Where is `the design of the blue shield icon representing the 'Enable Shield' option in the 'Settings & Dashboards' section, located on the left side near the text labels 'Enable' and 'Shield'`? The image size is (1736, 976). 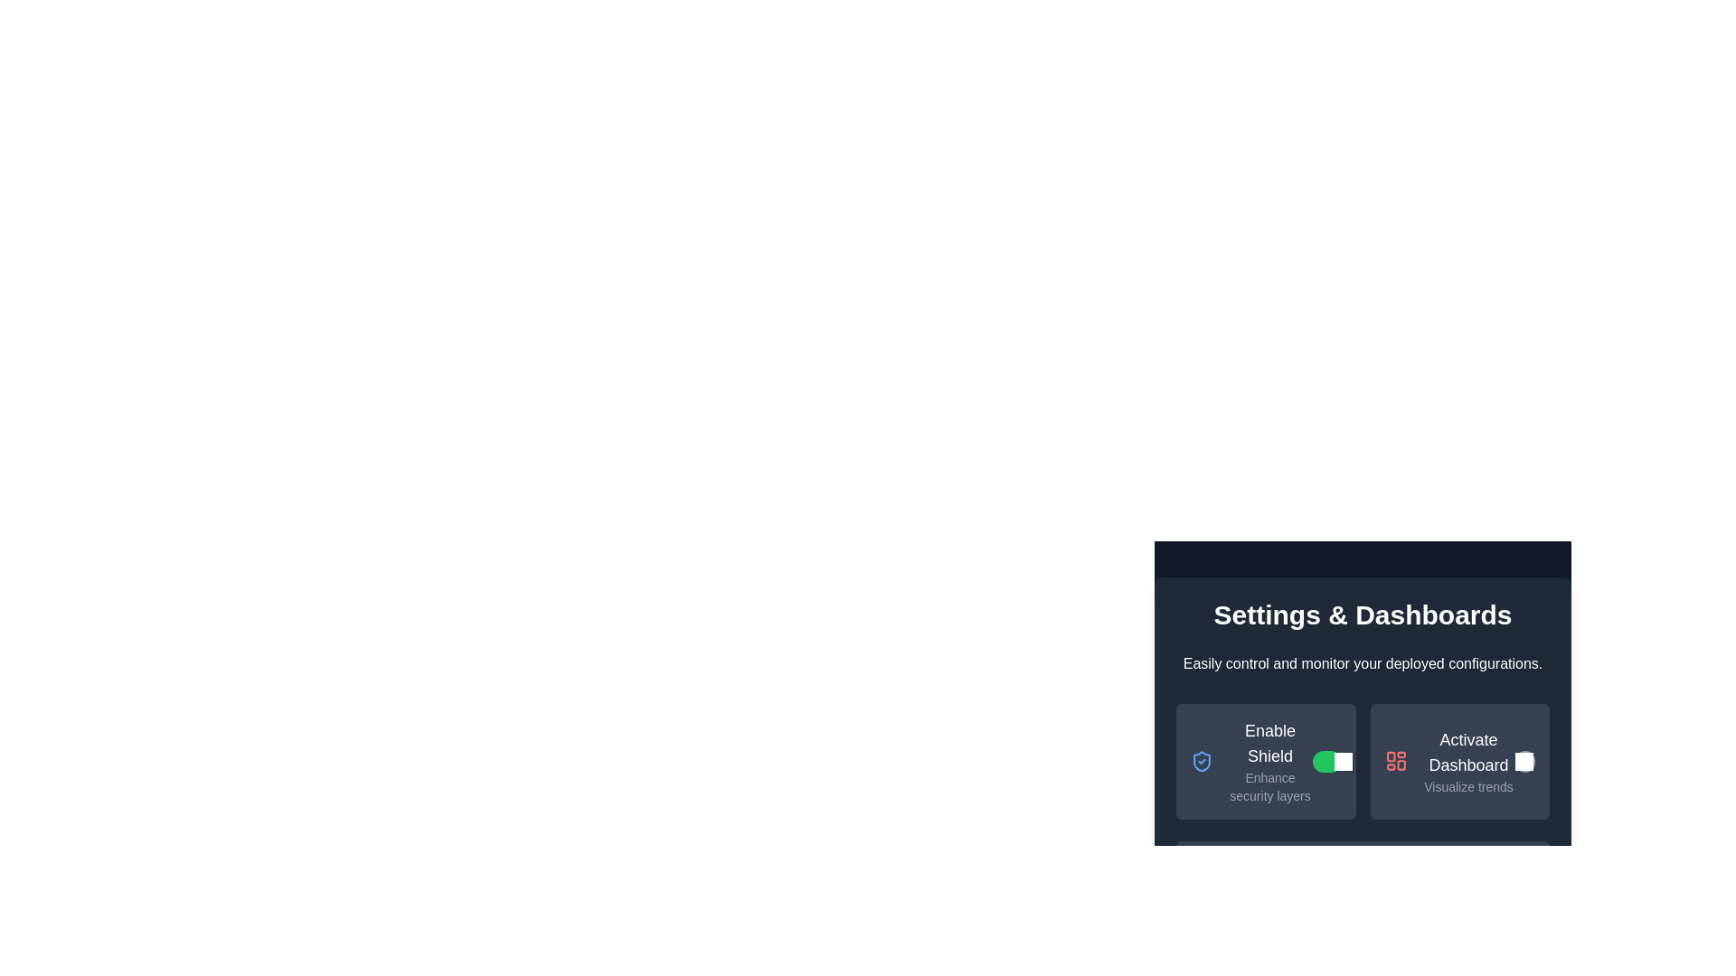
the design of the blue shield icon representing the 'Enable Shield' option in the 'Settings & Dashboards' section, located on the left side near the text labels 'Enable' and 'Shield' is located at coordinates (1202, 762).